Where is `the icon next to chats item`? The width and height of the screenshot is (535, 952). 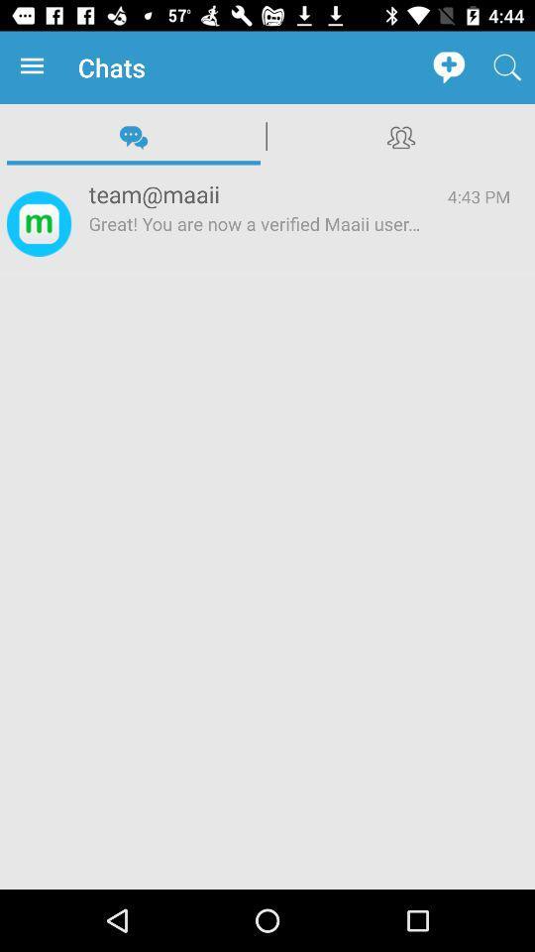
the icon next to chats item is located at coordinates (36, 67).